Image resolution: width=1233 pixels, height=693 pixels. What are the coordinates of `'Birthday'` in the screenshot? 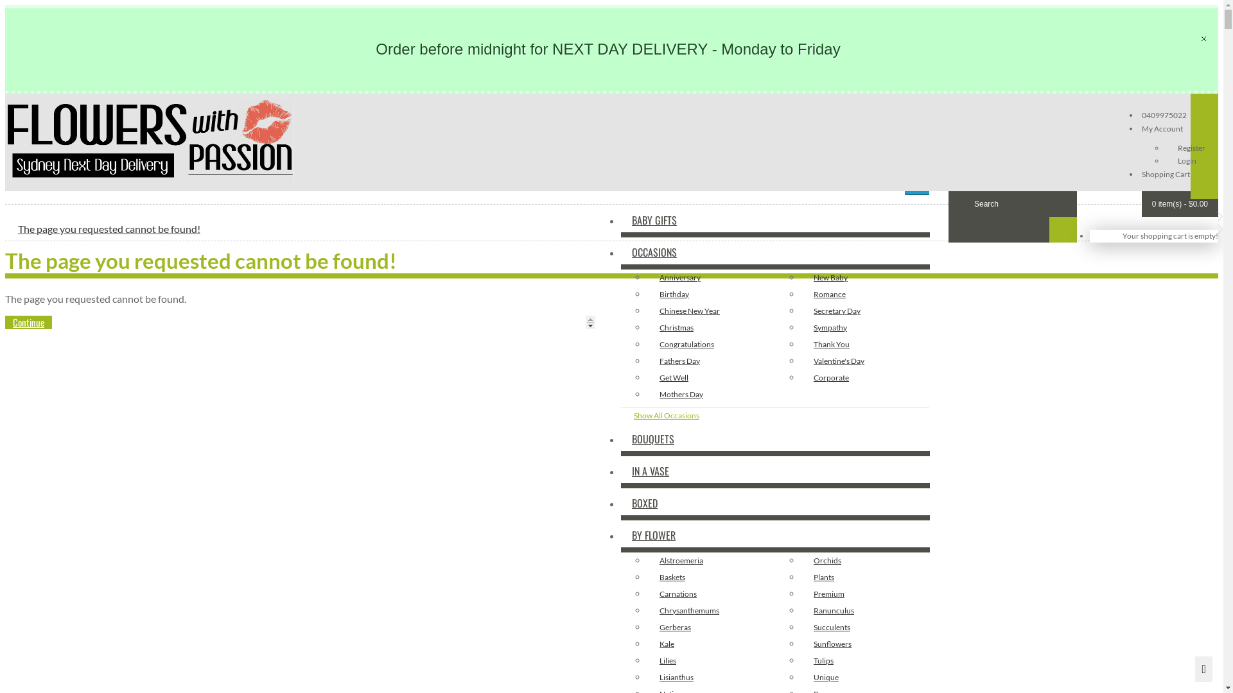 It's located at (710, 295).